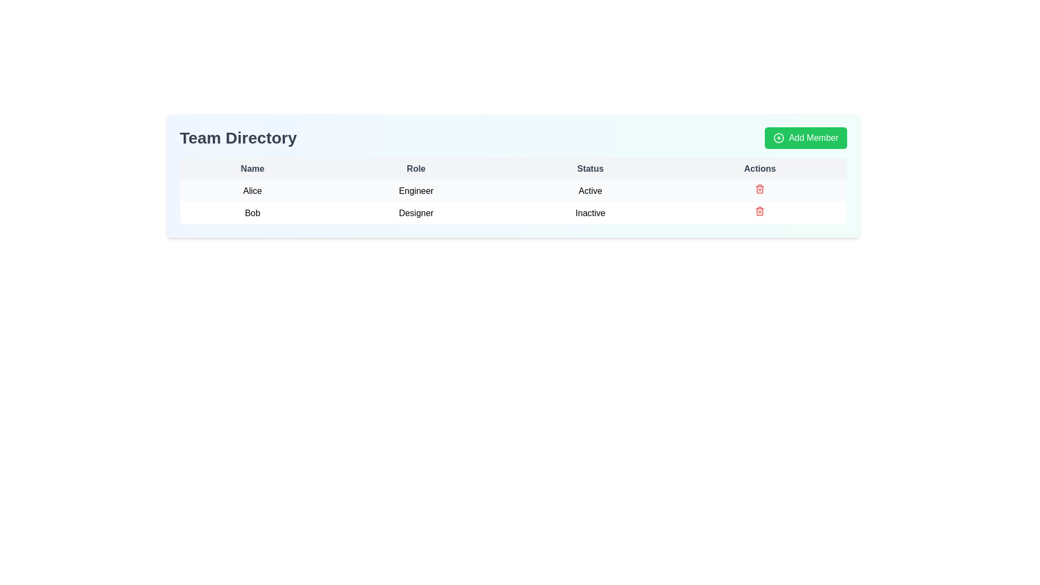  What do you see at coordinates (806, 137) in the screenshot?
I see `the button located` at bounding box center [806, 137].